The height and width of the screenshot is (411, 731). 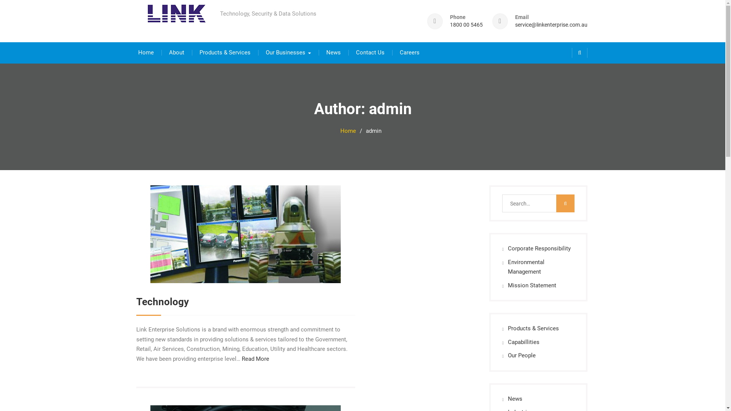 I want to click on 'Corporate Responsibility', so click(x=539, y=248).